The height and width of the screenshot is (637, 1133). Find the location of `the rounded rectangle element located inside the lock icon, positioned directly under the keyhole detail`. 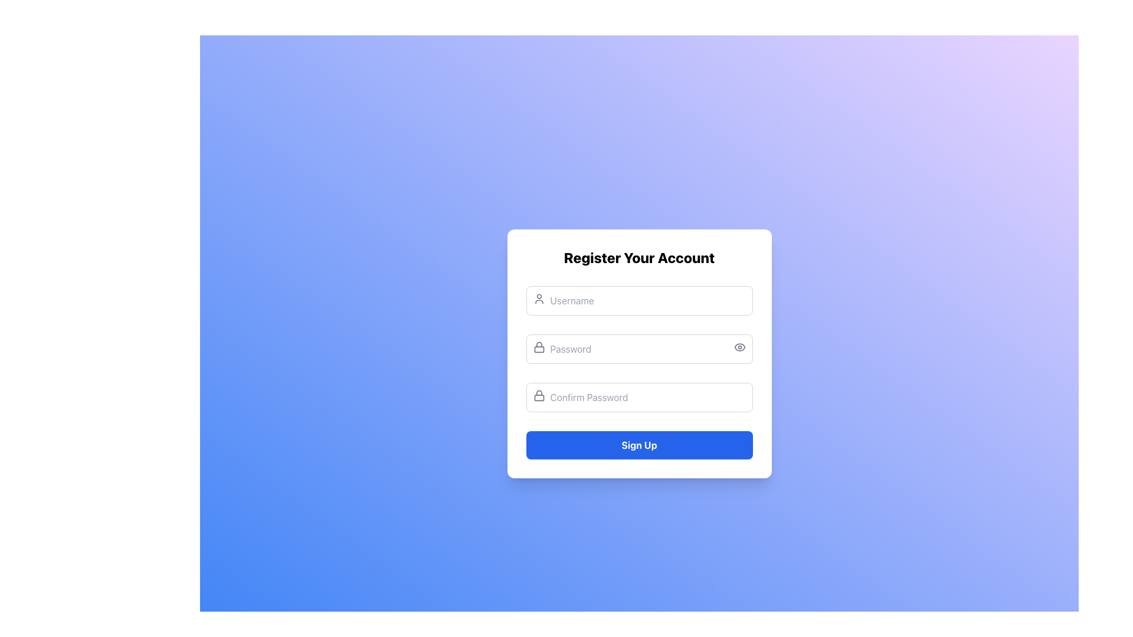

the rounded rectangle element located inside the lock icon, positioned directly under the keyhole detail is located at coordinates (538, 349).